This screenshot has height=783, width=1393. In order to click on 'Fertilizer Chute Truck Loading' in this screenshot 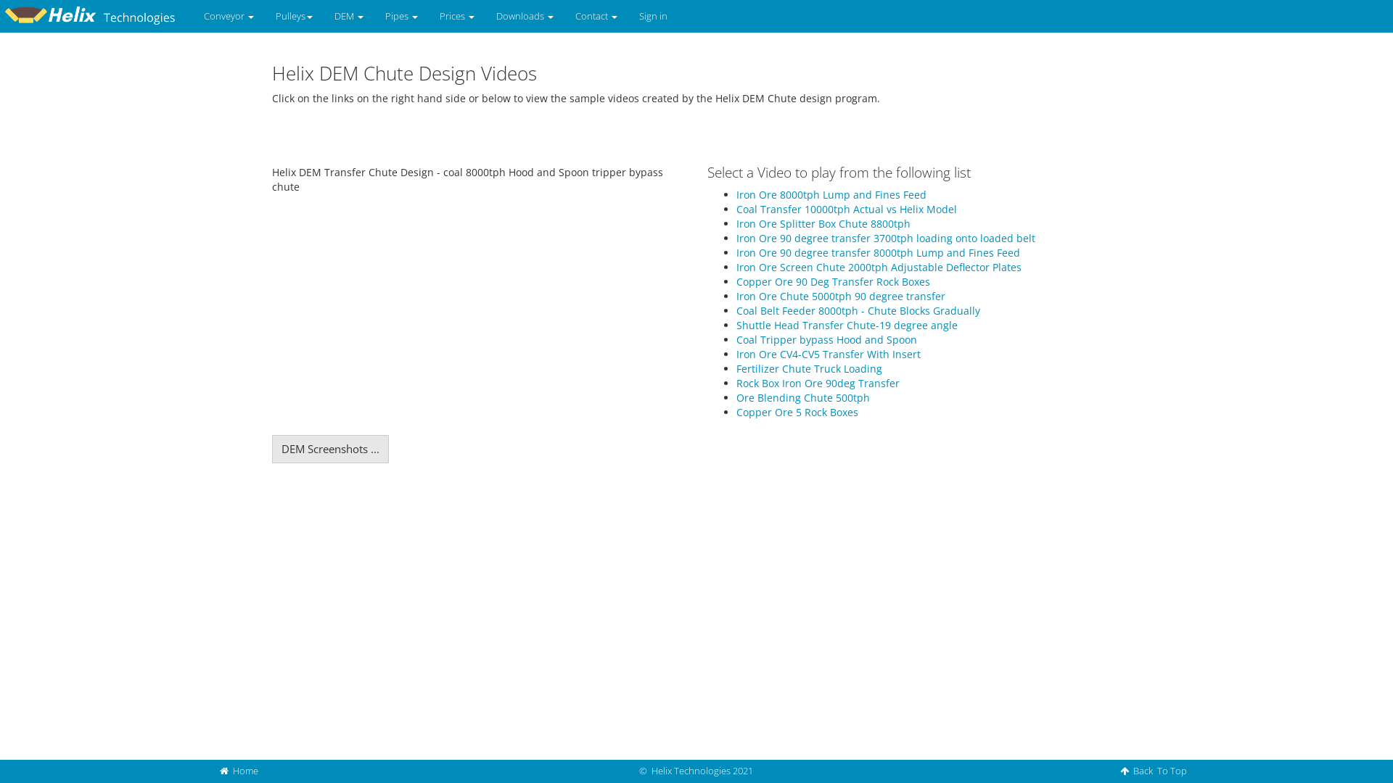, I will do `click(736, 368)`.